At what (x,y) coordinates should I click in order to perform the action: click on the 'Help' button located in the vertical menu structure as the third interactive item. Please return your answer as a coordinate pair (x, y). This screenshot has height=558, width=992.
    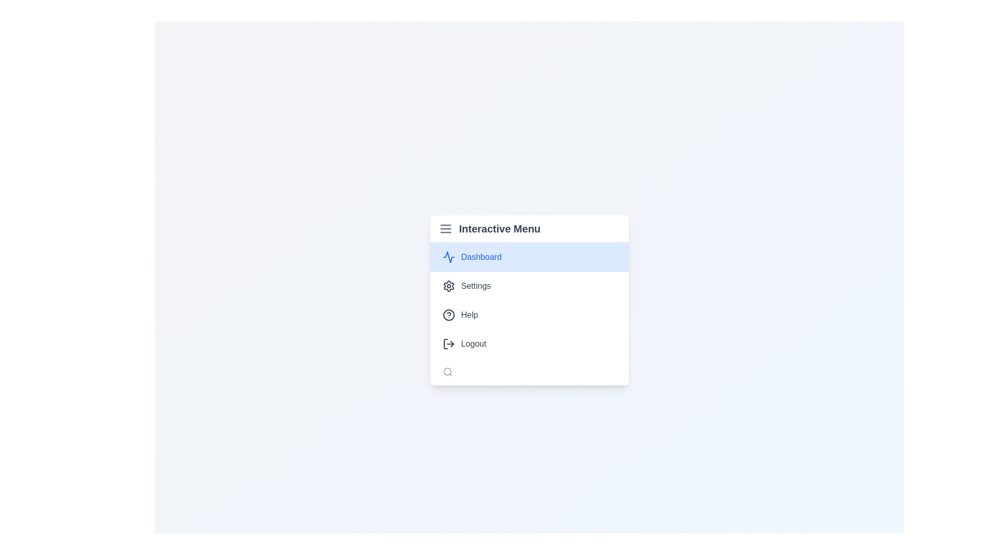
    Looking at the image, I should click on (529, 314).